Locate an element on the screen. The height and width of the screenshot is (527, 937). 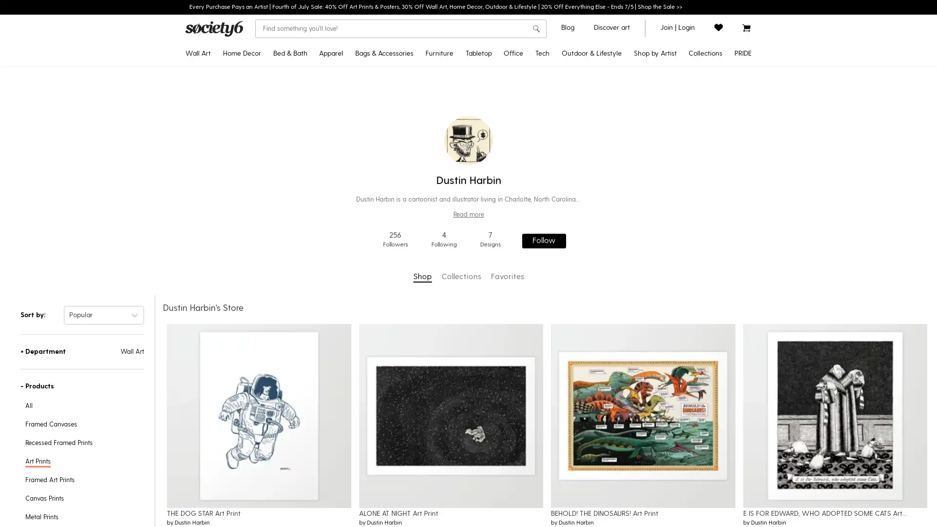
Yoga Mats is located at coordinates (604, 94).